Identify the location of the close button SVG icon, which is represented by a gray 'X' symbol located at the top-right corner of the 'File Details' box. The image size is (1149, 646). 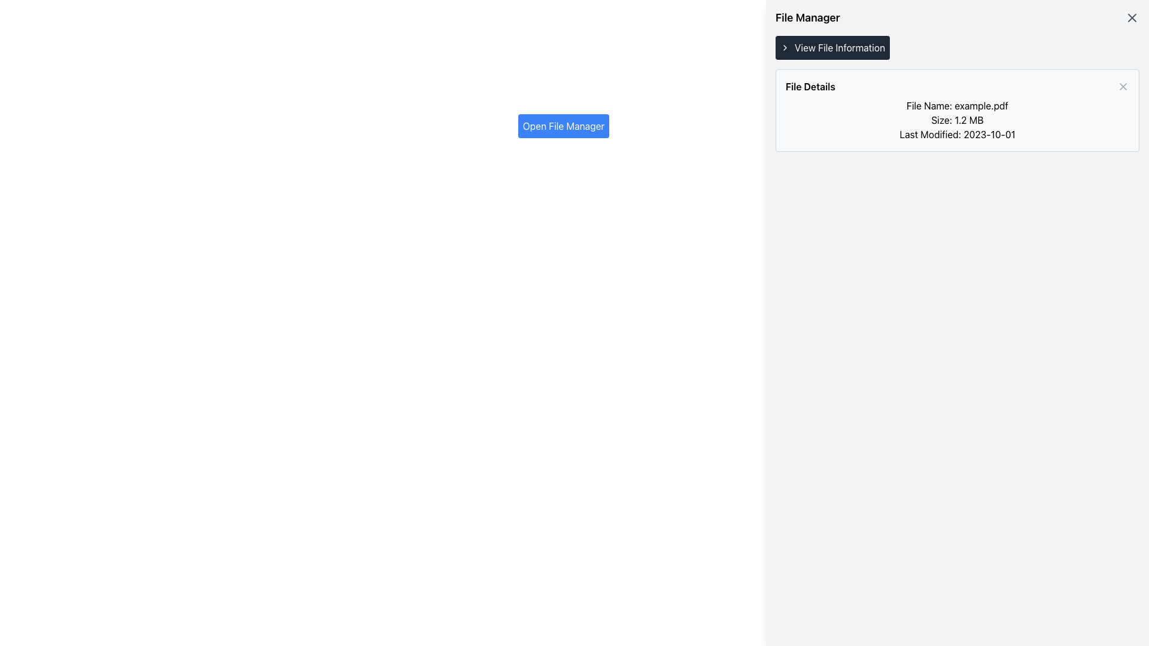
(1122, 86).